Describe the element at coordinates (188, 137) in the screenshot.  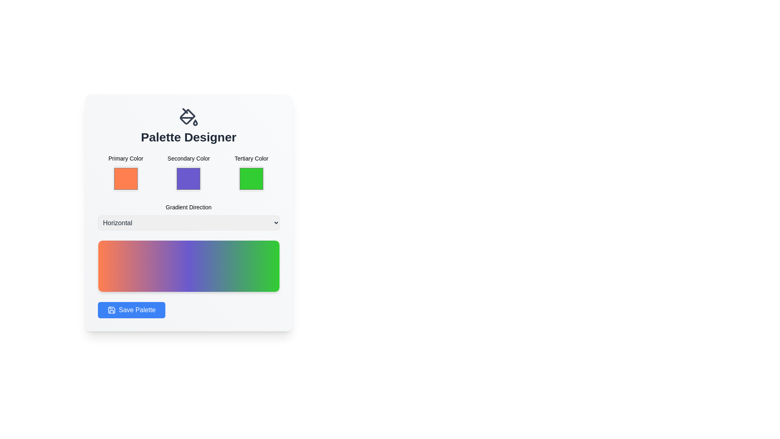
I see `static text element that serves as the title for the 'Palette Designer' interface, located below the paint bucket icon` at that location.